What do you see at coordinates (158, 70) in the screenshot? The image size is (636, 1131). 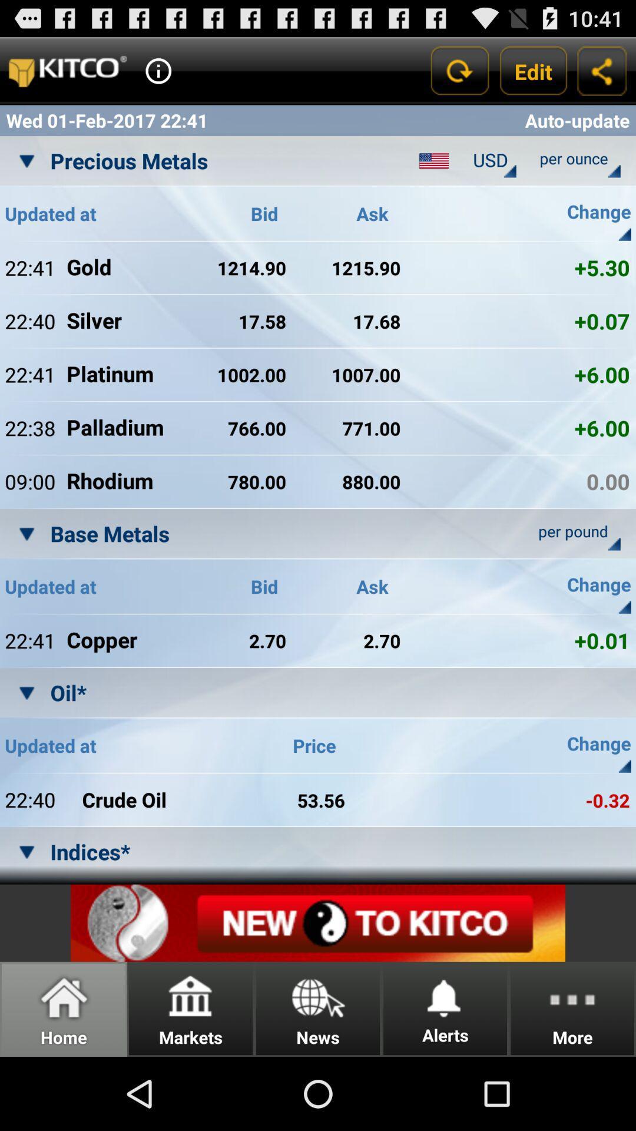 I see `the icon above the wed 01 feb app` at bounding box center [158, 70].